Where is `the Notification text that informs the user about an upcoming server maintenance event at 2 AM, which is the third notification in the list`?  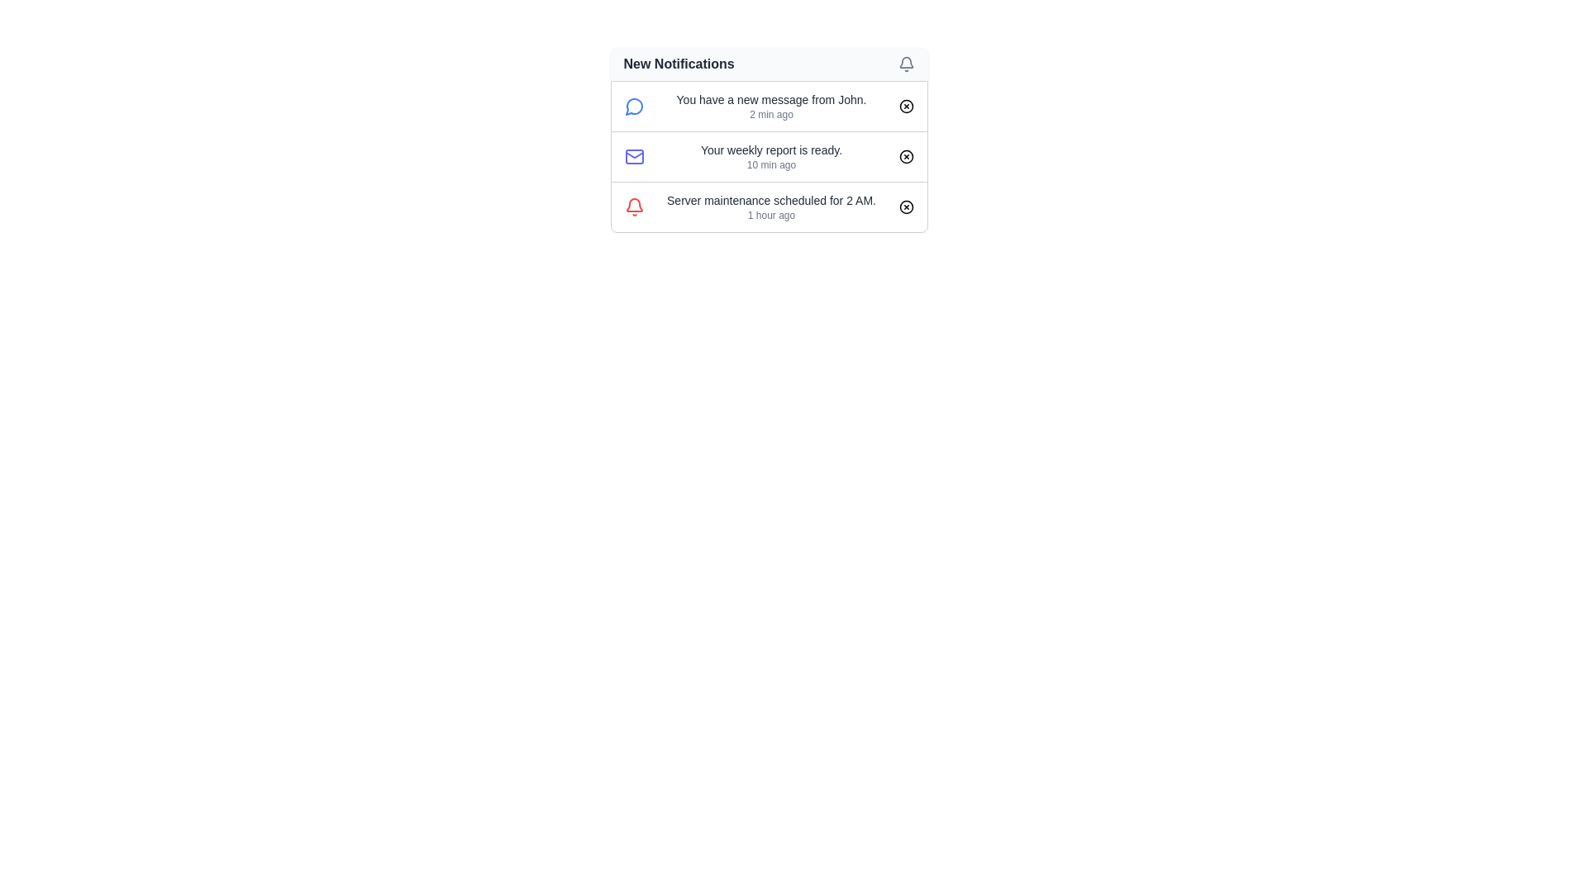
the Notification text that informs the user about an upcoming server maintenance event at 2 AM, which is the third notification in the list is located at coordinates (770, 206).